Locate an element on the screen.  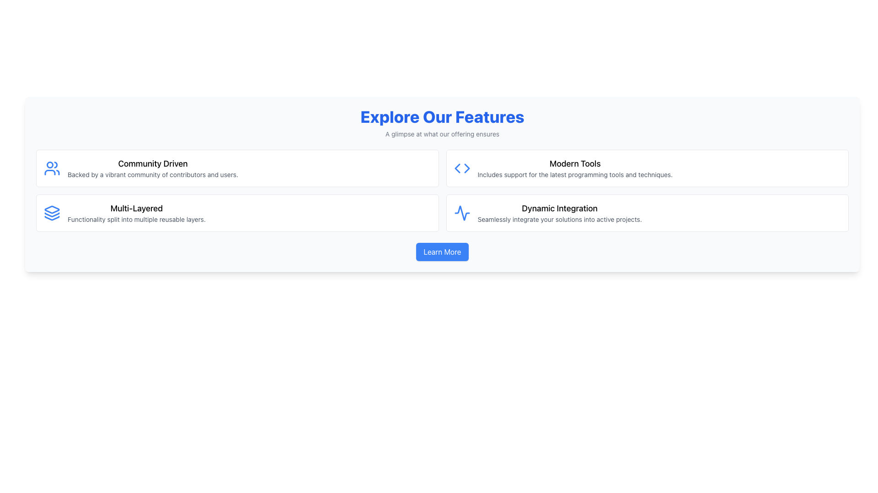
the right-pointing arrow SVG icon that is part of the 'Modern Tools' feature icon, located in the second column of the feature grid is located at coordinates (467, 168).